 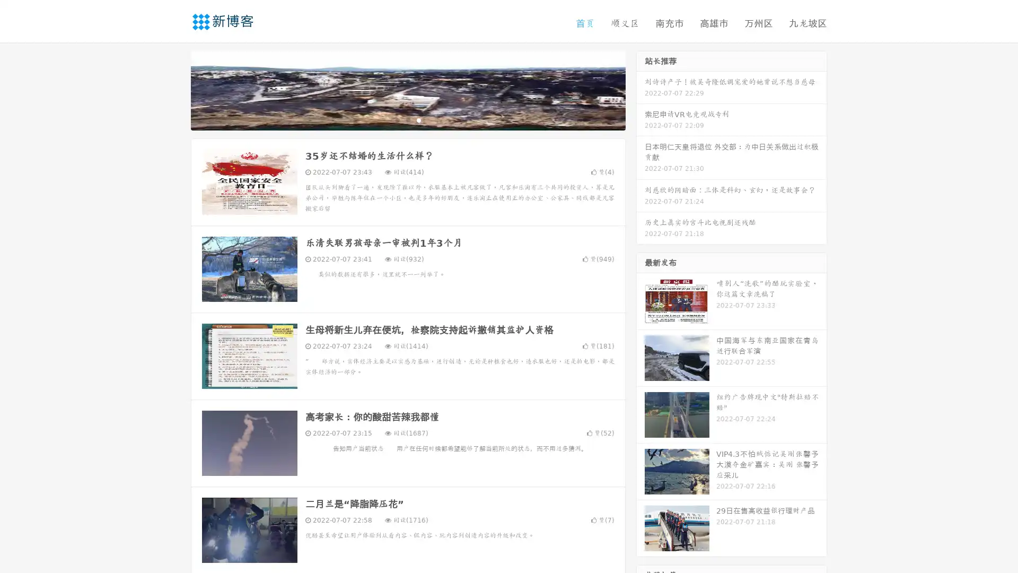 I want to click on Go to slide 2, so click(x=407, y=119).